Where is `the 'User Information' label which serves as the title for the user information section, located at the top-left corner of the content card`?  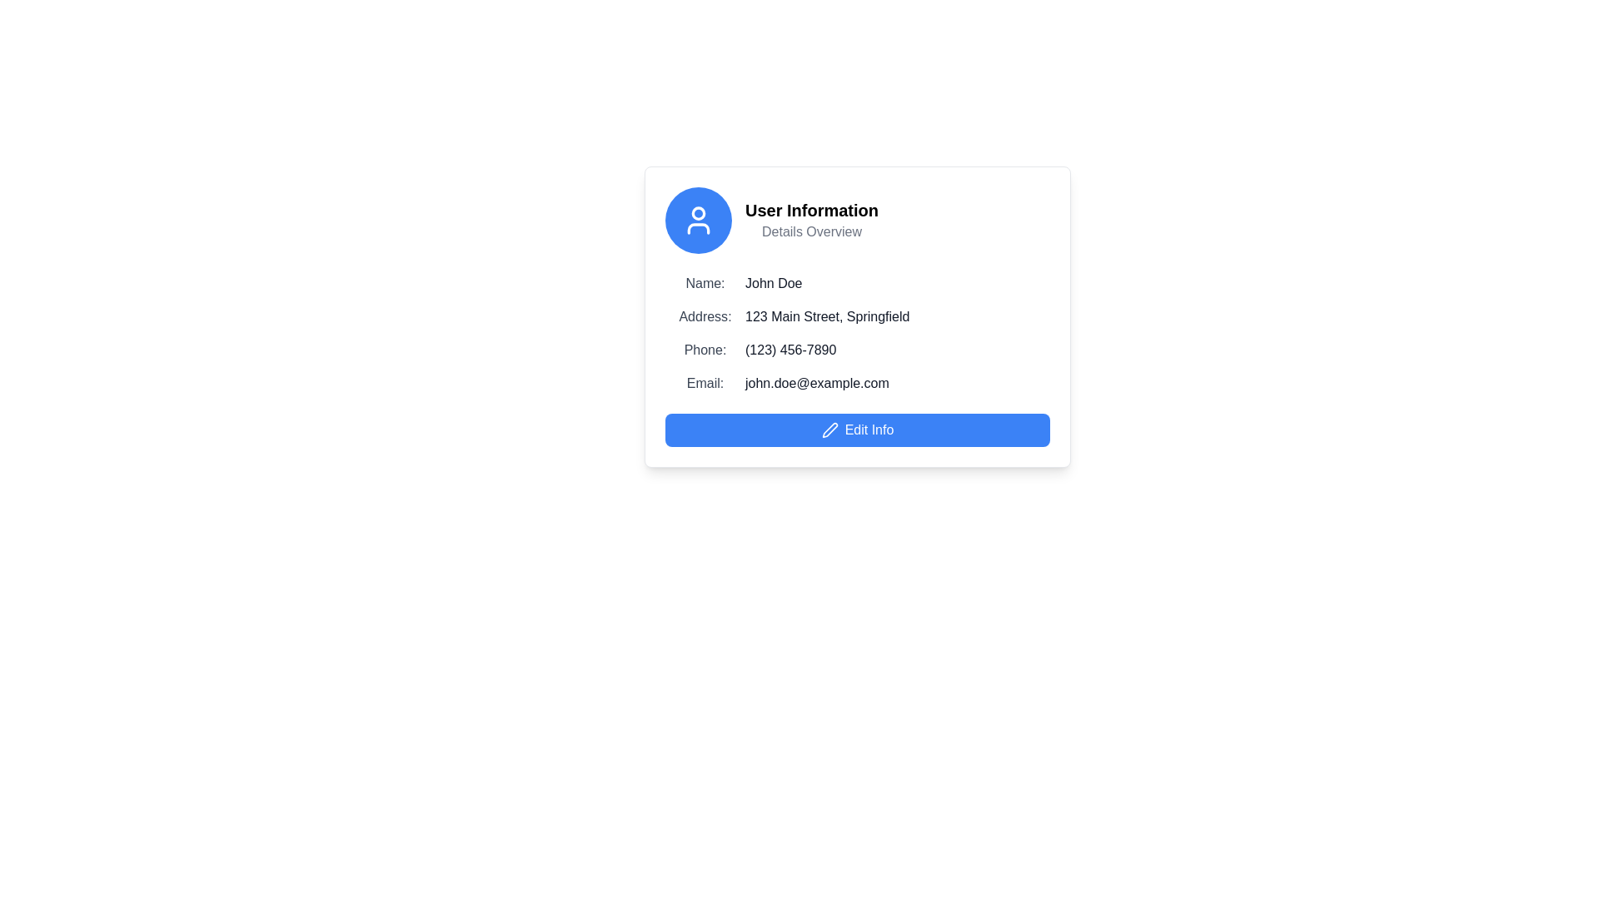
the 'User Information' label which serves as the title for the user information section, located at the top-left corner of the content card is located at coordinates (811, 210).